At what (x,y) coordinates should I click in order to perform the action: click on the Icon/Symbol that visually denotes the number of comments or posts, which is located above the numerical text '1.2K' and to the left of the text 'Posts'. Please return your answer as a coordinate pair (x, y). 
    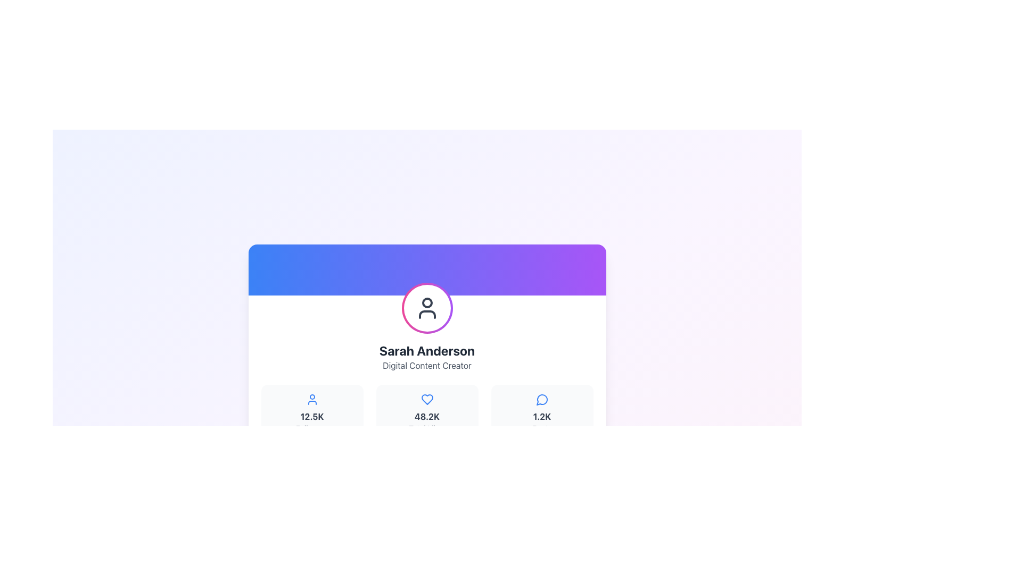
    Looking at the image, I should click on (542, 400).